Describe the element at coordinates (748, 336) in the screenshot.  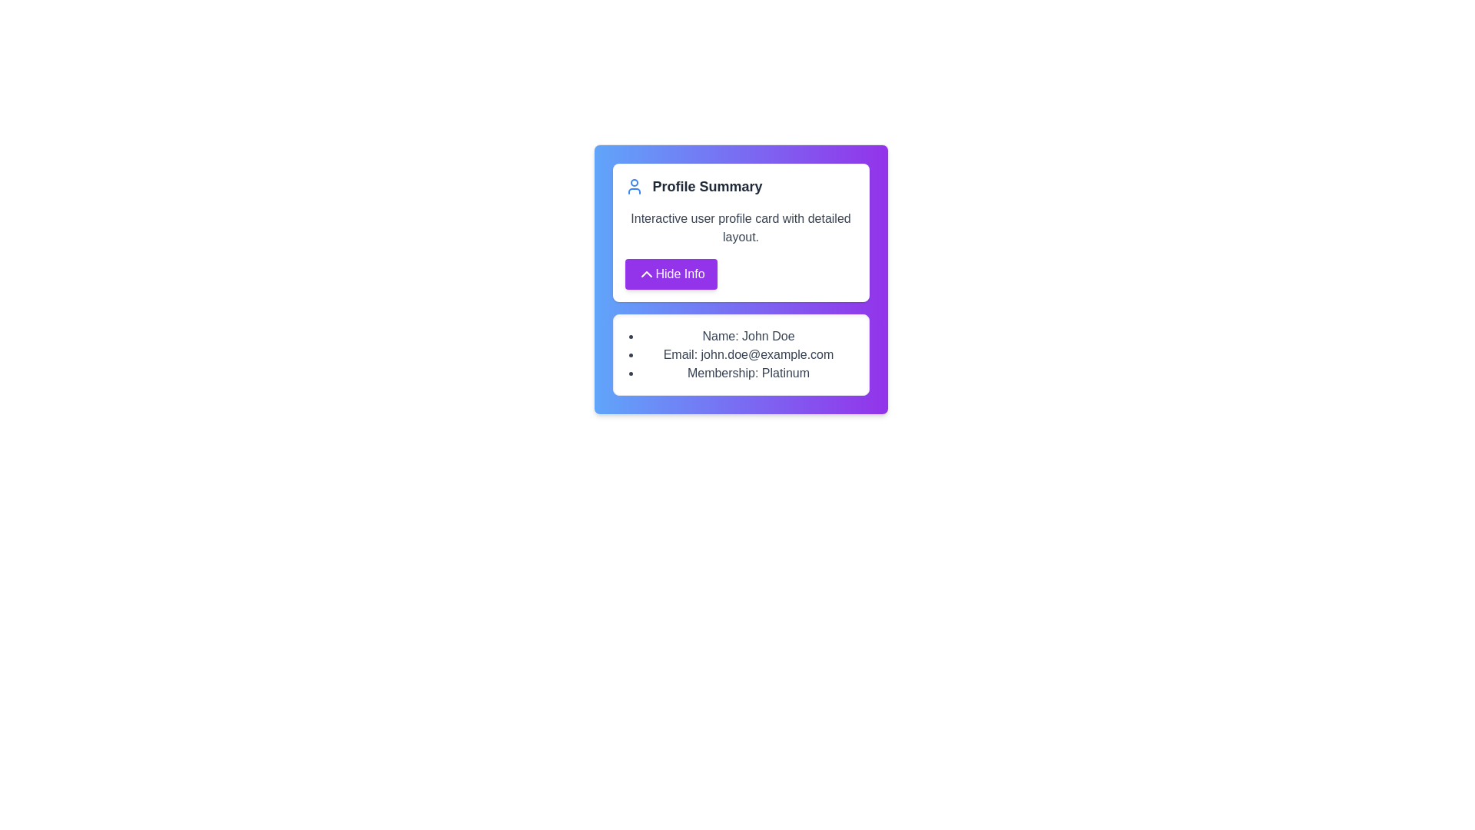
I see `the static text field displaying 'Name: John Doe', which is the first item in a bulleted list and styled with a gray font` at that location.